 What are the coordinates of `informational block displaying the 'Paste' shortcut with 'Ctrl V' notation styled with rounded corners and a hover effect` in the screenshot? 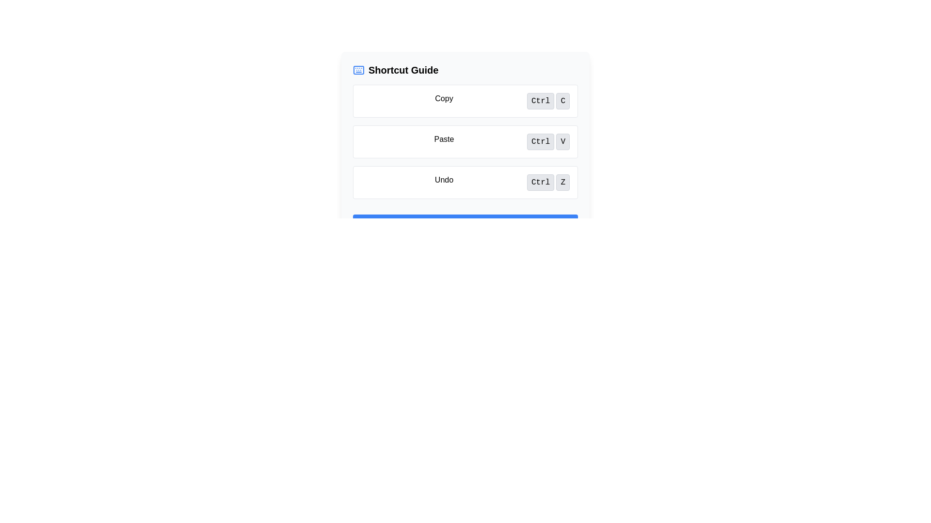 It's located at (465, 142).